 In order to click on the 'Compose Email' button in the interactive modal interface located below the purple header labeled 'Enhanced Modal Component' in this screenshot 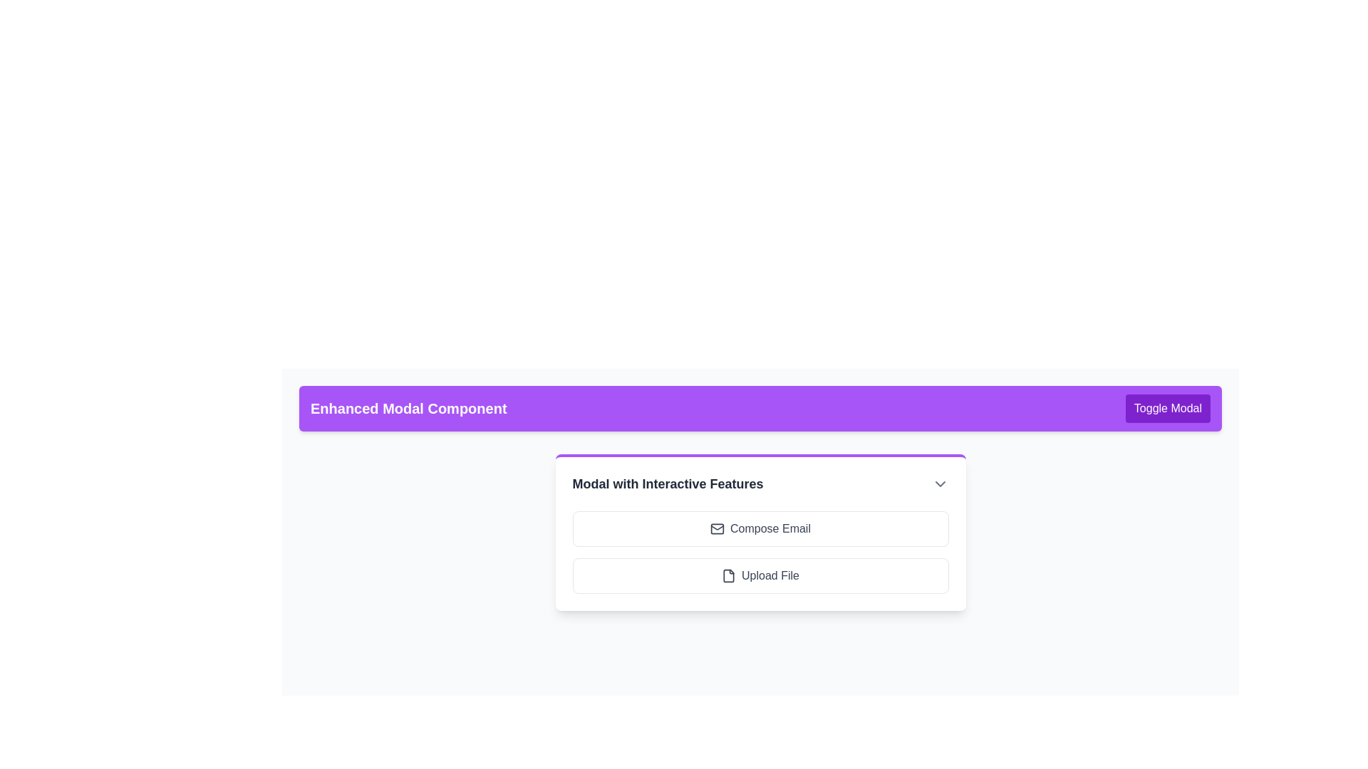, I will do `click(760, 533)`.